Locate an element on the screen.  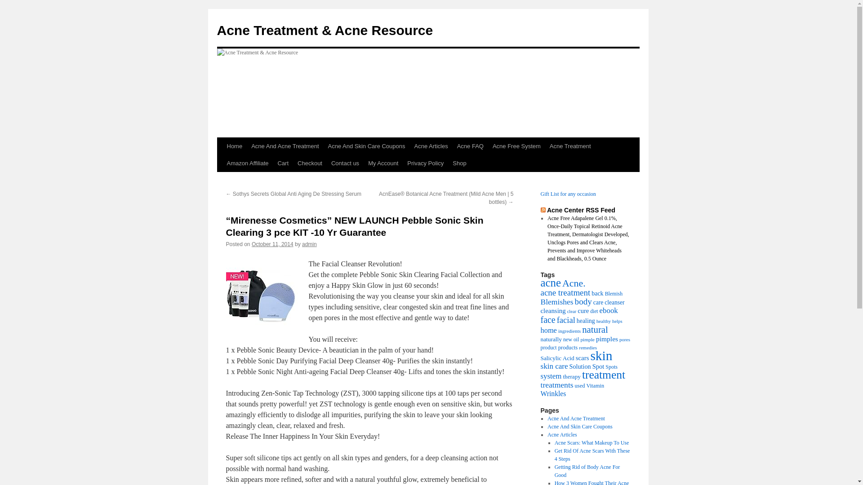
'Spots' is located at coordinates (611, 367).